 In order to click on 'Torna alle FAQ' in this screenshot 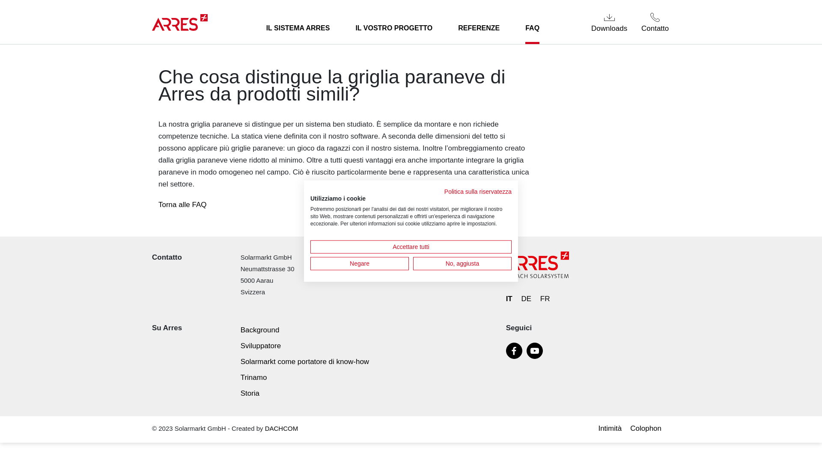, I will do `click(182, 204)`.